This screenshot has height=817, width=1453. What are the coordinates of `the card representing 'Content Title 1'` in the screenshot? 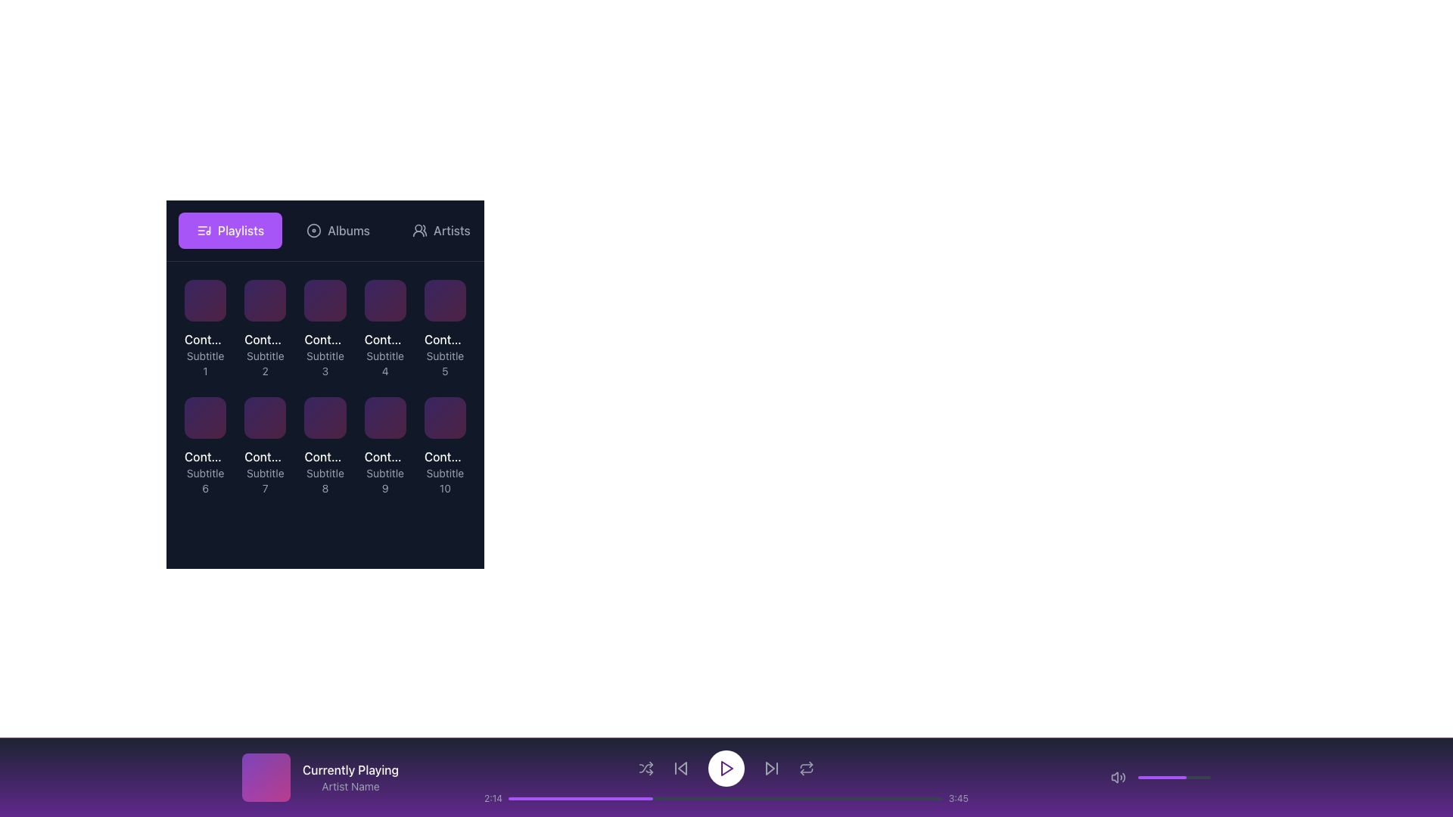 It's located at (204, 328).